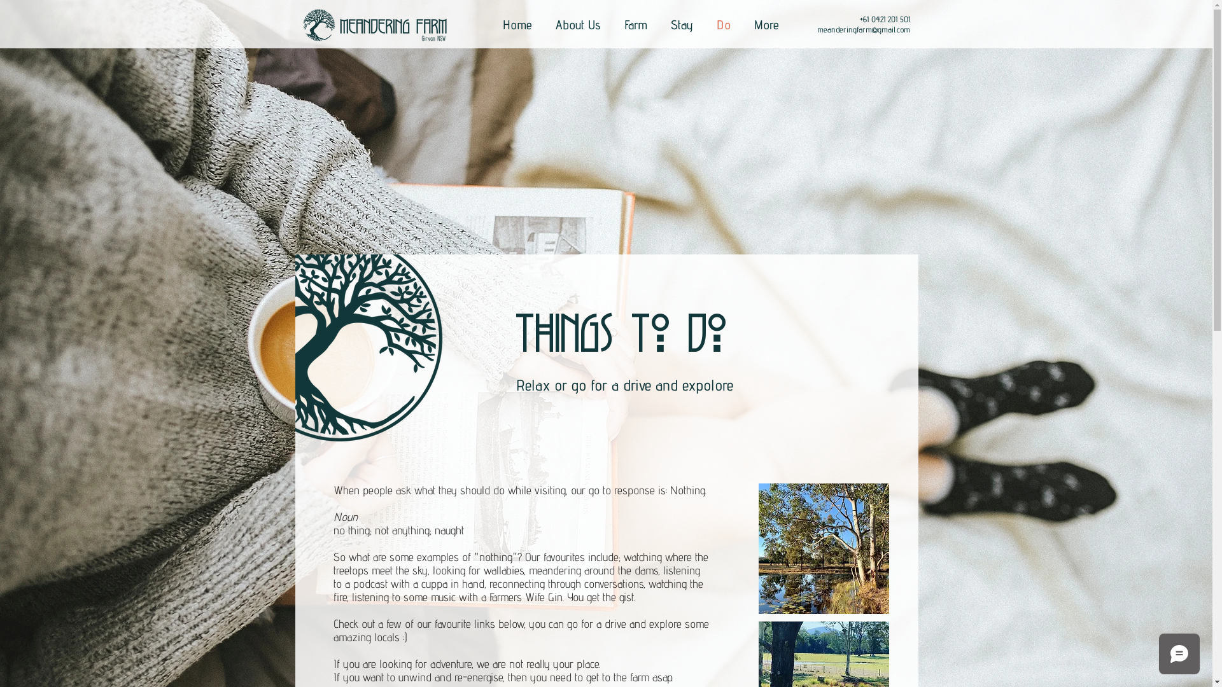 Image resolution: width=1222 pixels, height=687 pixels. Describe the element at coordinates (864, 29) in the screenshot. I see `'meanderingfarm@gmail.com'` at that location.